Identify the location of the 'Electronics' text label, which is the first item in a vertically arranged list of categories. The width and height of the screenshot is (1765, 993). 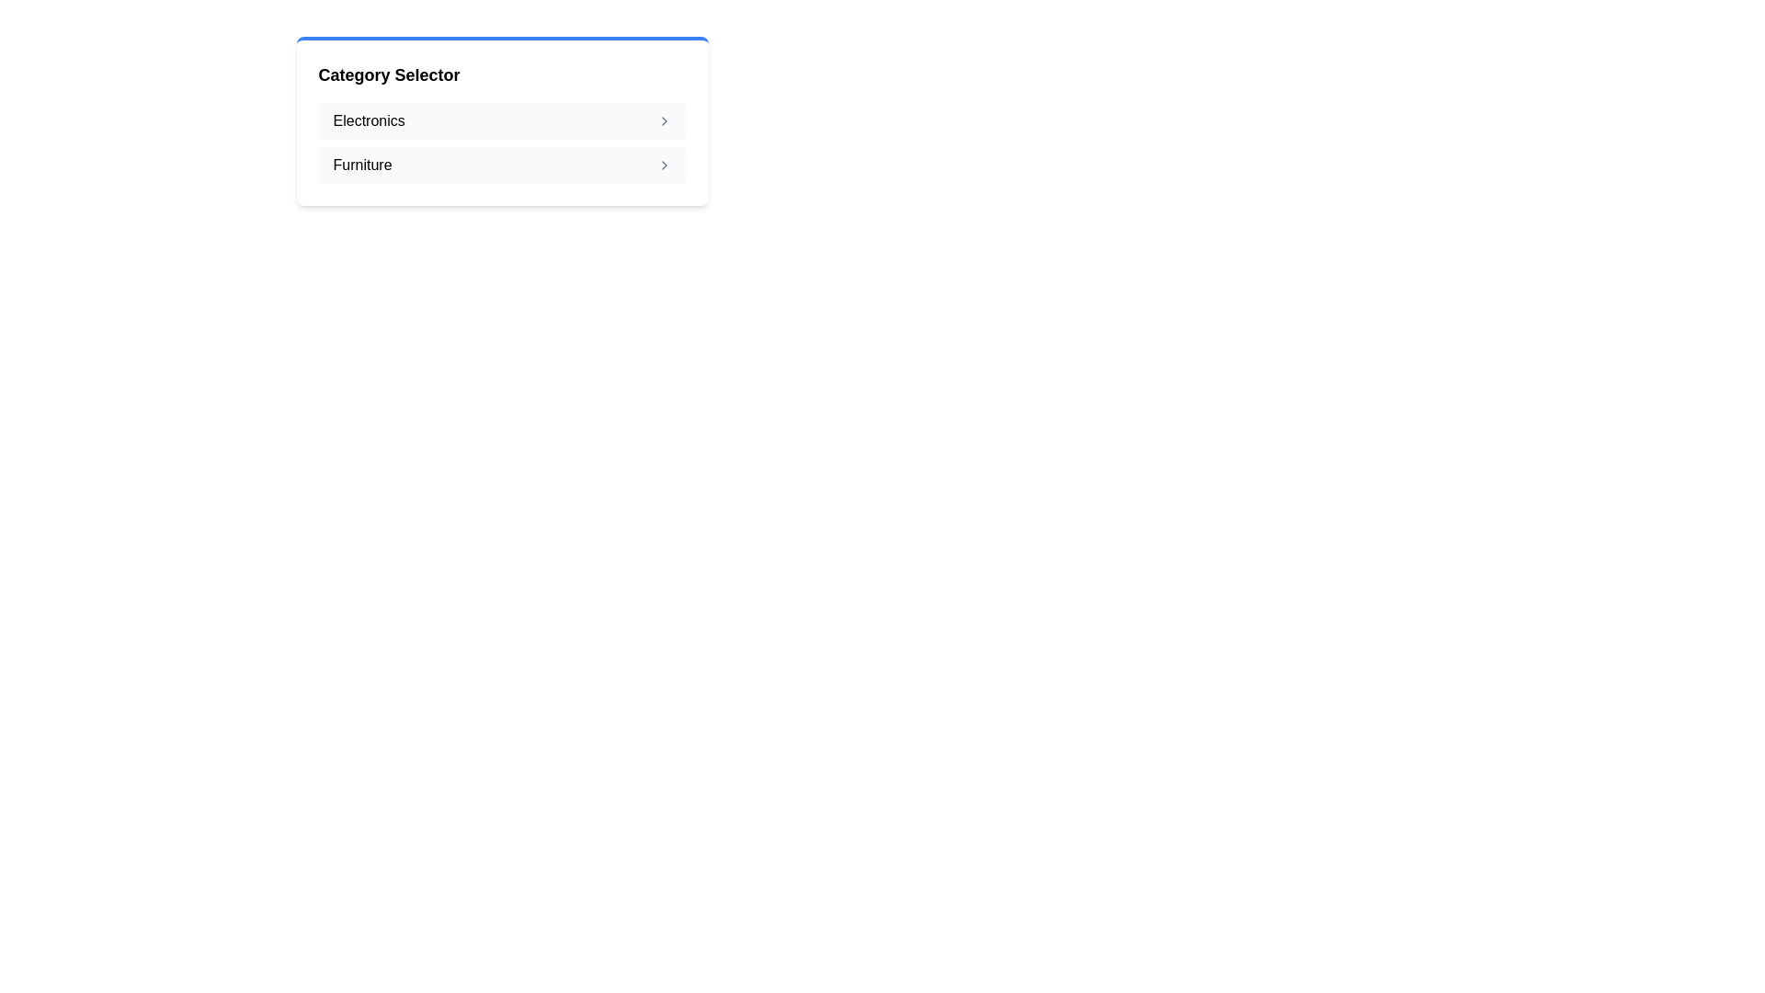
(368, 120).